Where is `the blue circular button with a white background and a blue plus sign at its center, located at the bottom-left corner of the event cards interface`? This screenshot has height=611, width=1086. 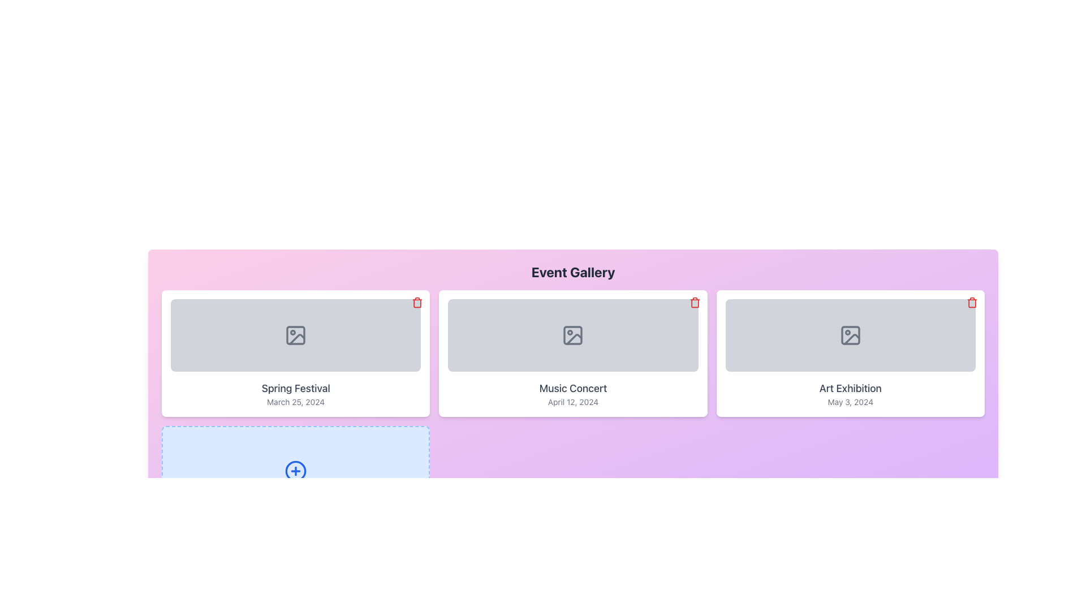 the blue circular button with a white background and a blue plus sign at its center, located at the bottom-left corner of the event cards interface is located at coordinates (296, 471).